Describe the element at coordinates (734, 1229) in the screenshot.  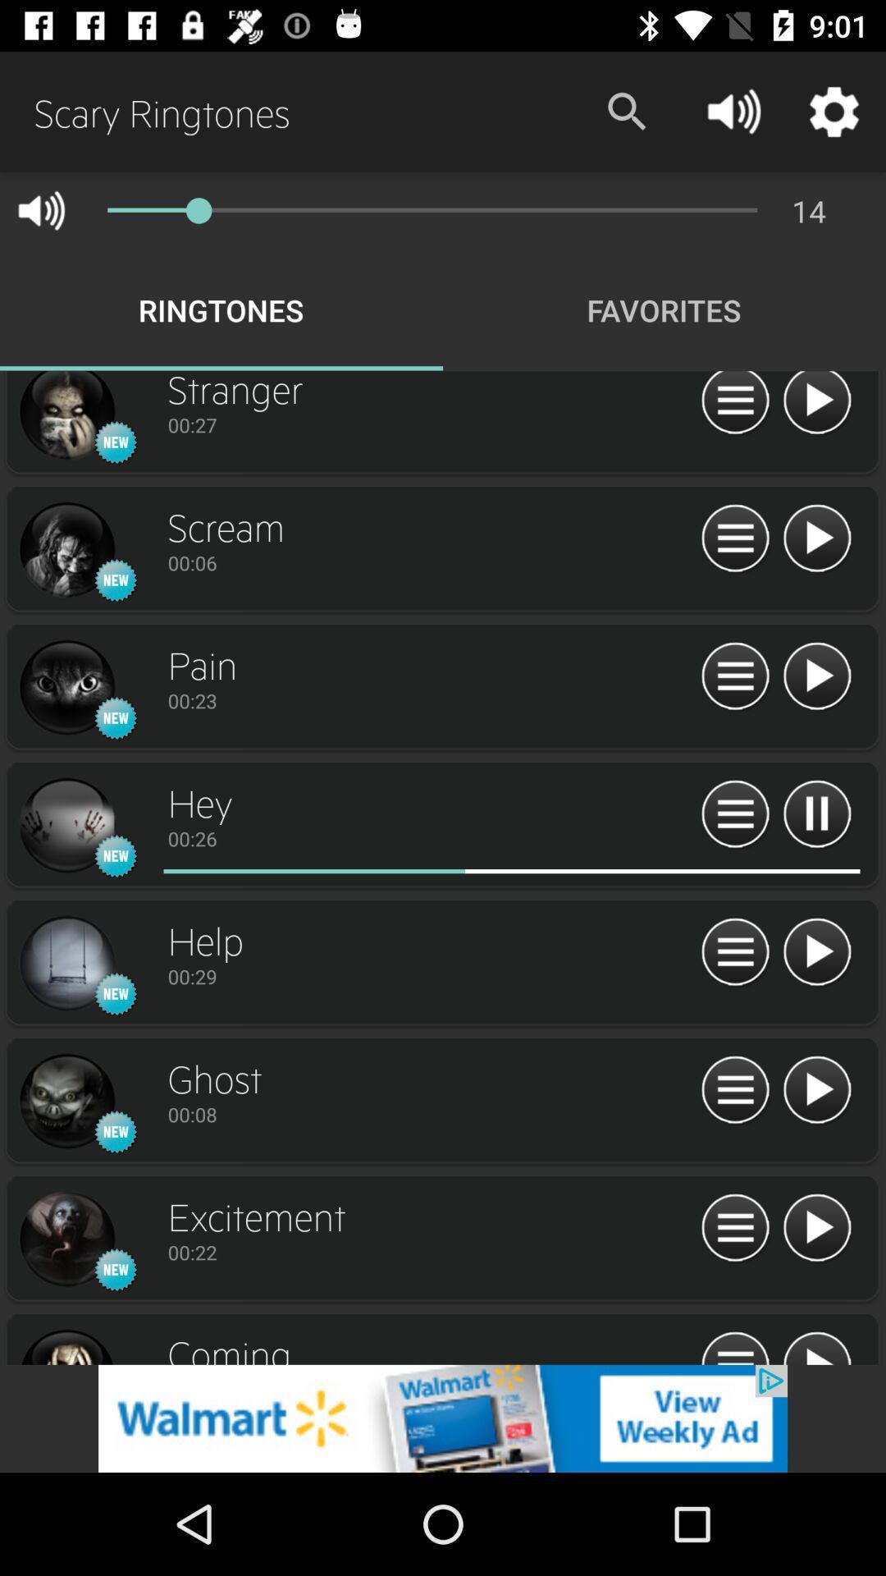
I see `song details` at that location.